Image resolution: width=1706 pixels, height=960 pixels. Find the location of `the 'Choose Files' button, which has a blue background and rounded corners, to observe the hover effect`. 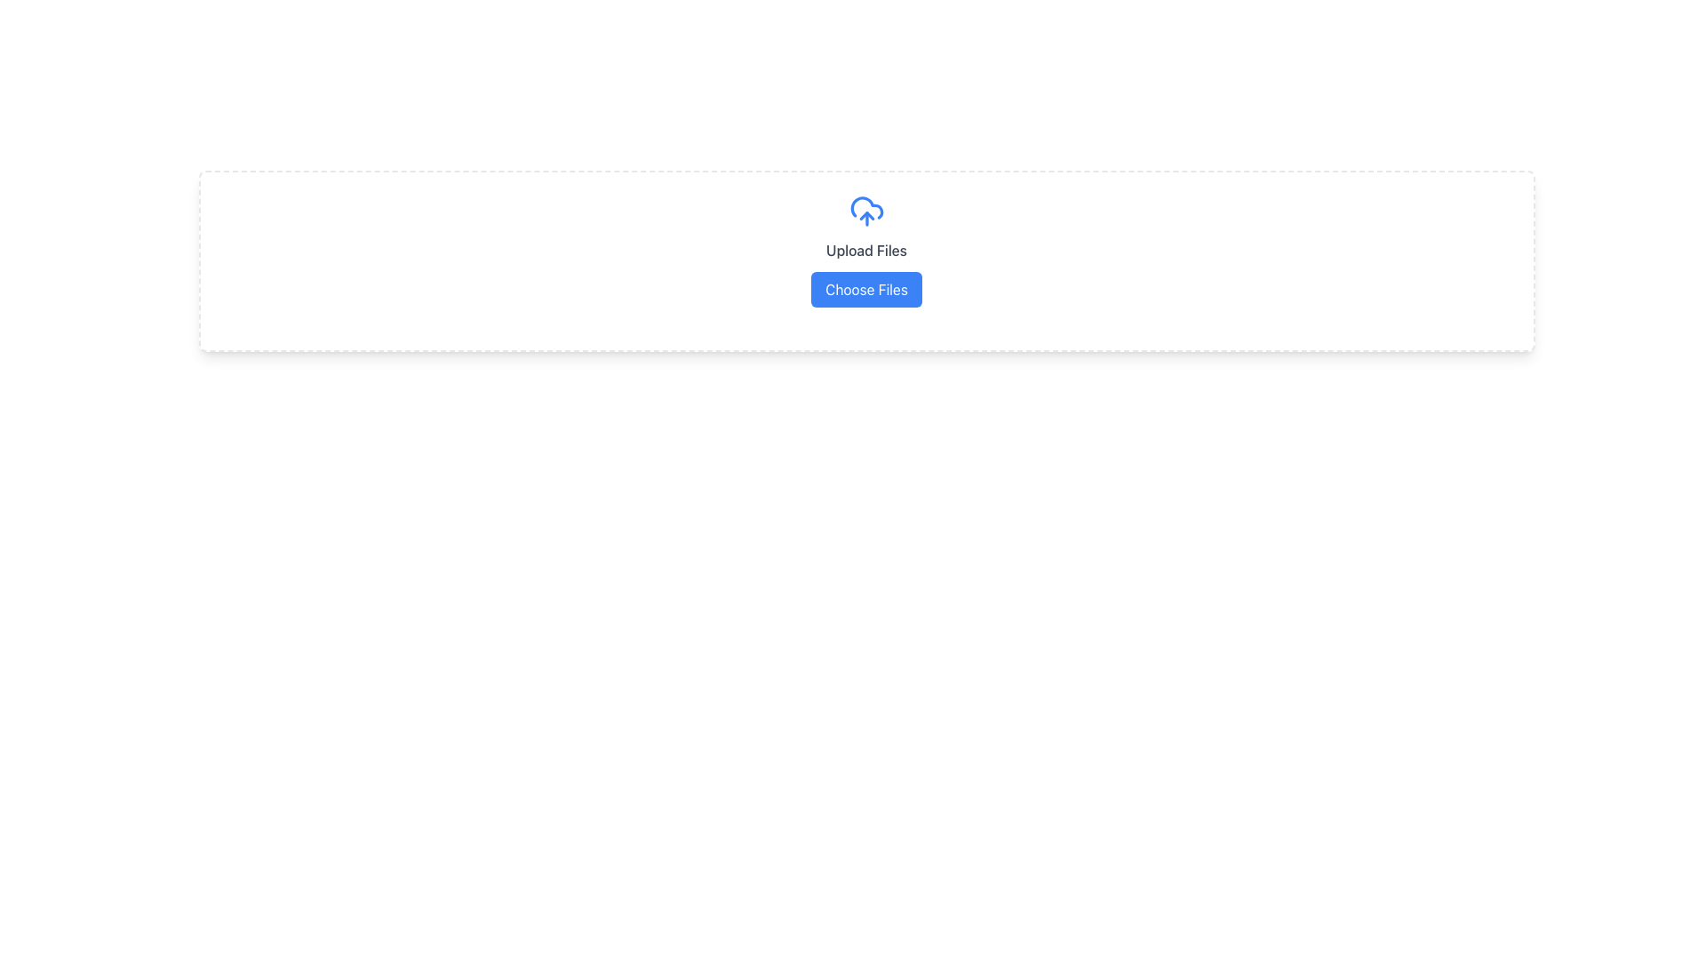

the 'Choose Files' button, which has a blue background and rounded corners, to observe the hover effect is located at coordinates (866, 289).